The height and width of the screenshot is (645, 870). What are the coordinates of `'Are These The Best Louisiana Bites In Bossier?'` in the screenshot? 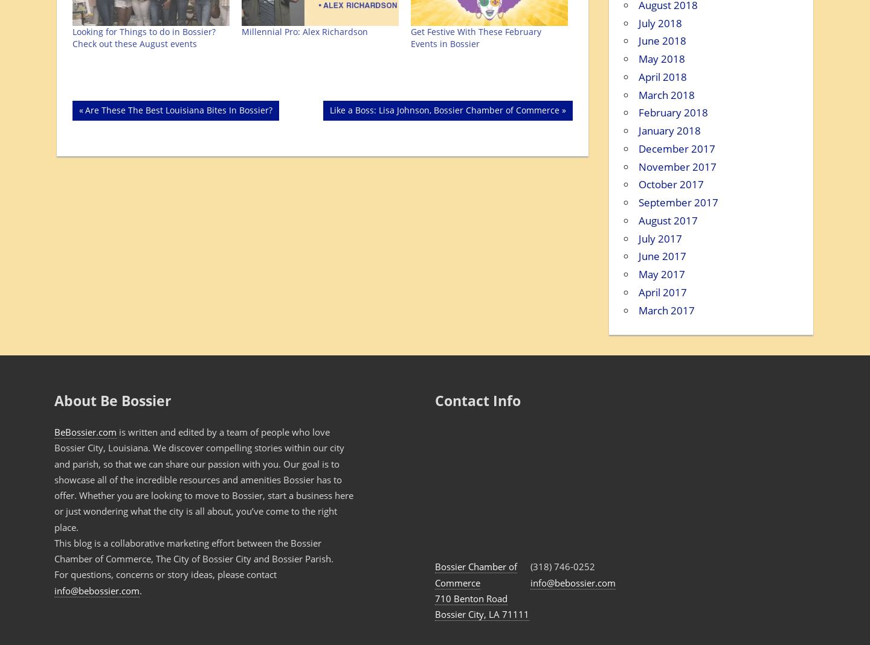 It's located at (178, 110).